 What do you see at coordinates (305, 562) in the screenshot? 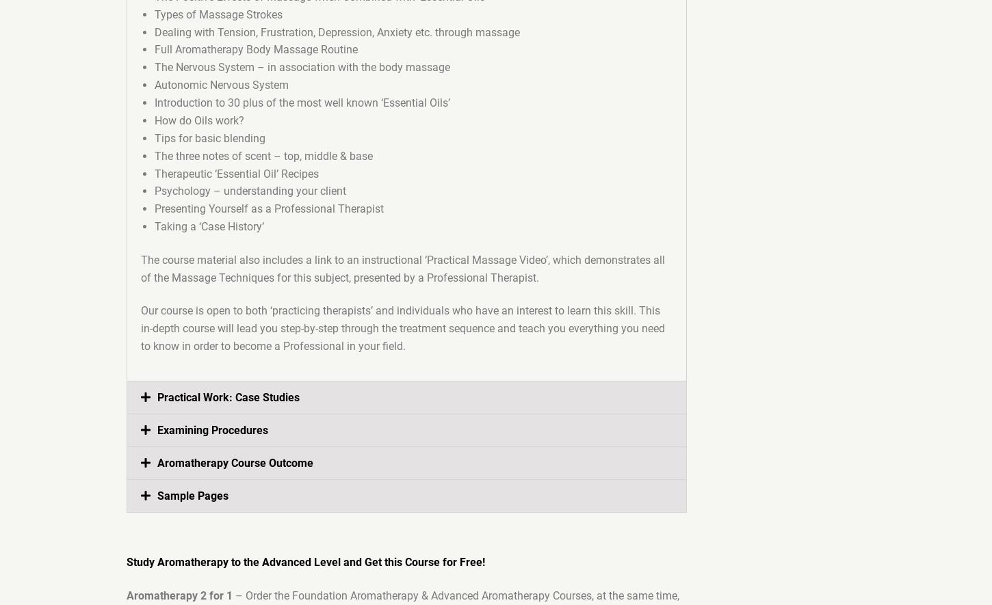
I see `'Study Aromatherapy to the Advanced Level and Get this Course for Free!'` at bounding box center [305, 562].